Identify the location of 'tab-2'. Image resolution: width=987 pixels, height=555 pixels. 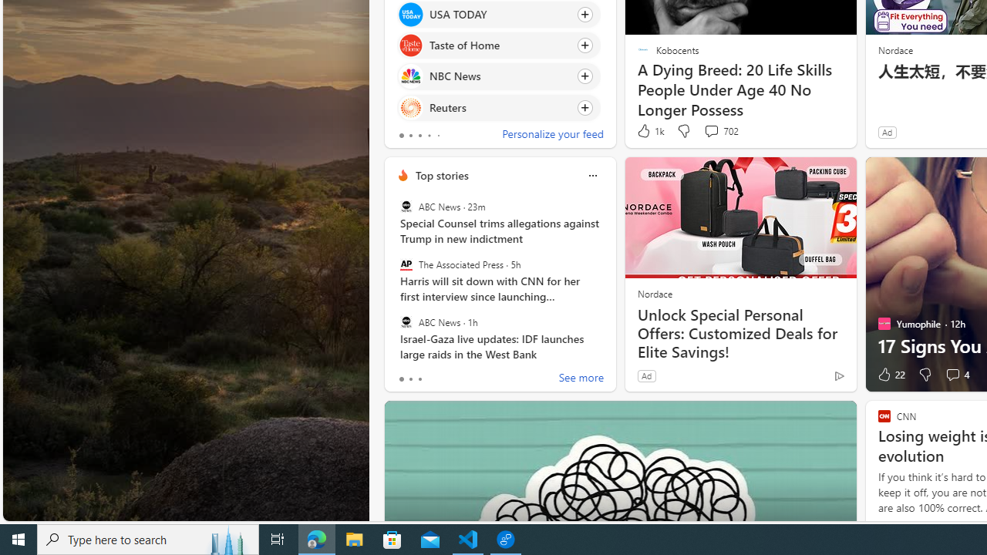
(419, 379).